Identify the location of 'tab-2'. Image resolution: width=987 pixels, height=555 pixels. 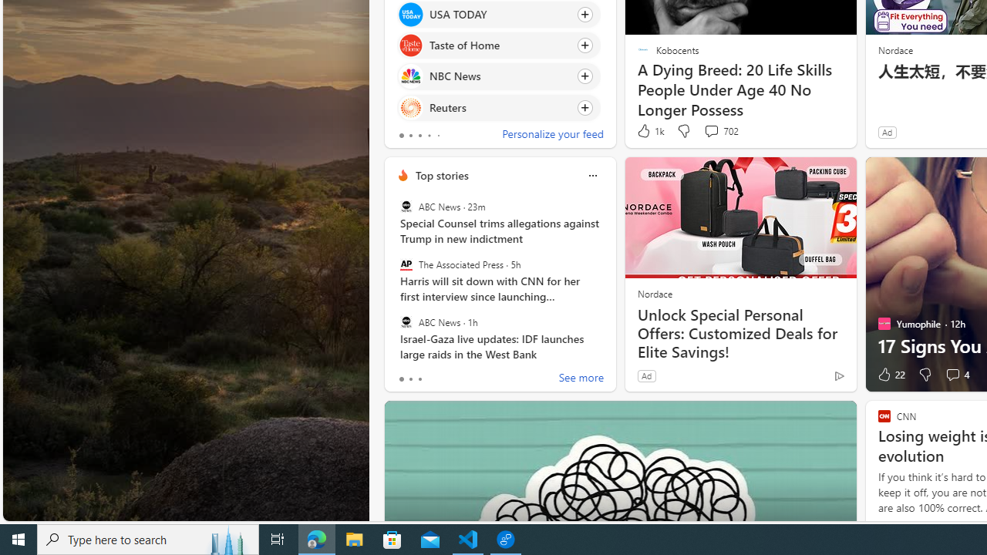
(419, 379).